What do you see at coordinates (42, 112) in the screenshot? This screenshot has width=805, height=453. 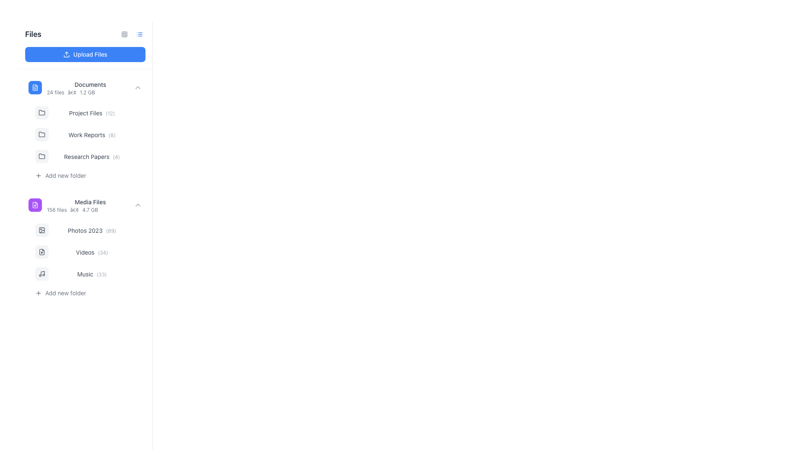 I see `the folder icon representing 'Project Files' located under the 'Documents' category on the sidebar` at bounding box center [42, 112].